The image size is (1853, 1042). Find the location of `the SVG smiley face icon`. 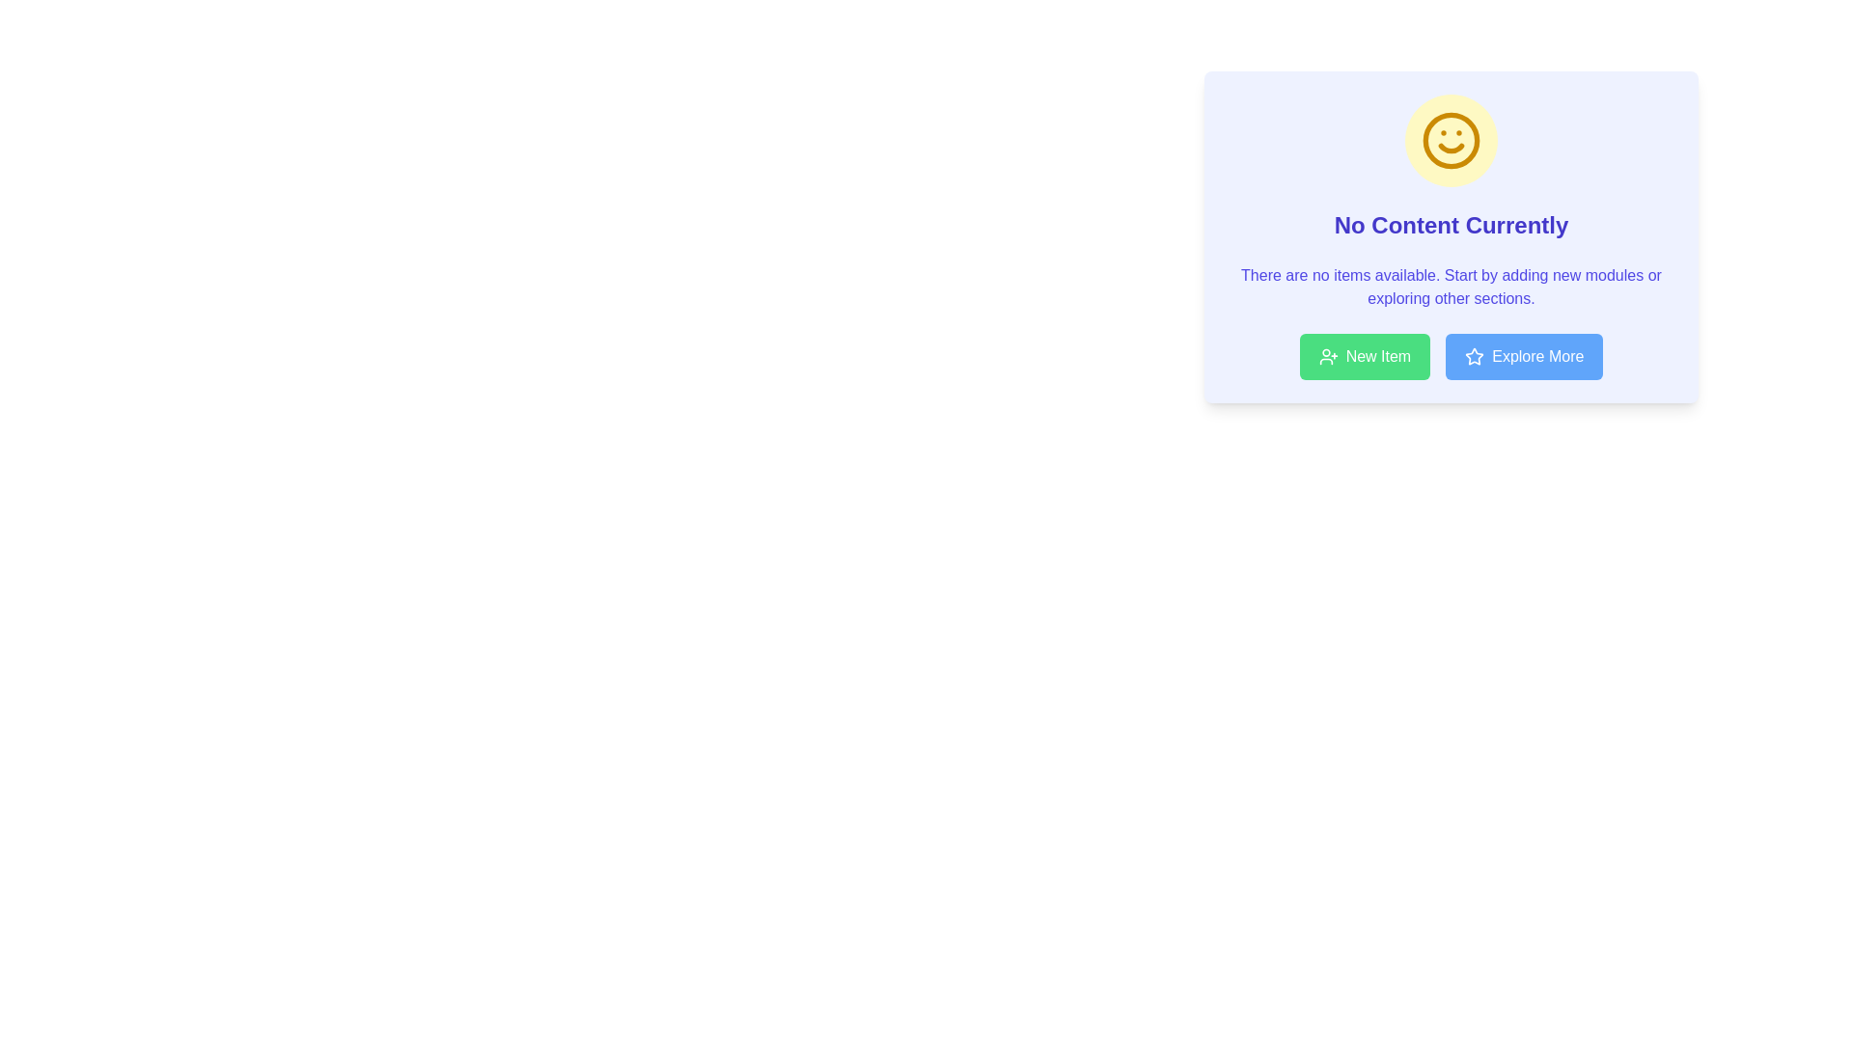

the SVG smiley face icon is located at coordinates (1451, 140).